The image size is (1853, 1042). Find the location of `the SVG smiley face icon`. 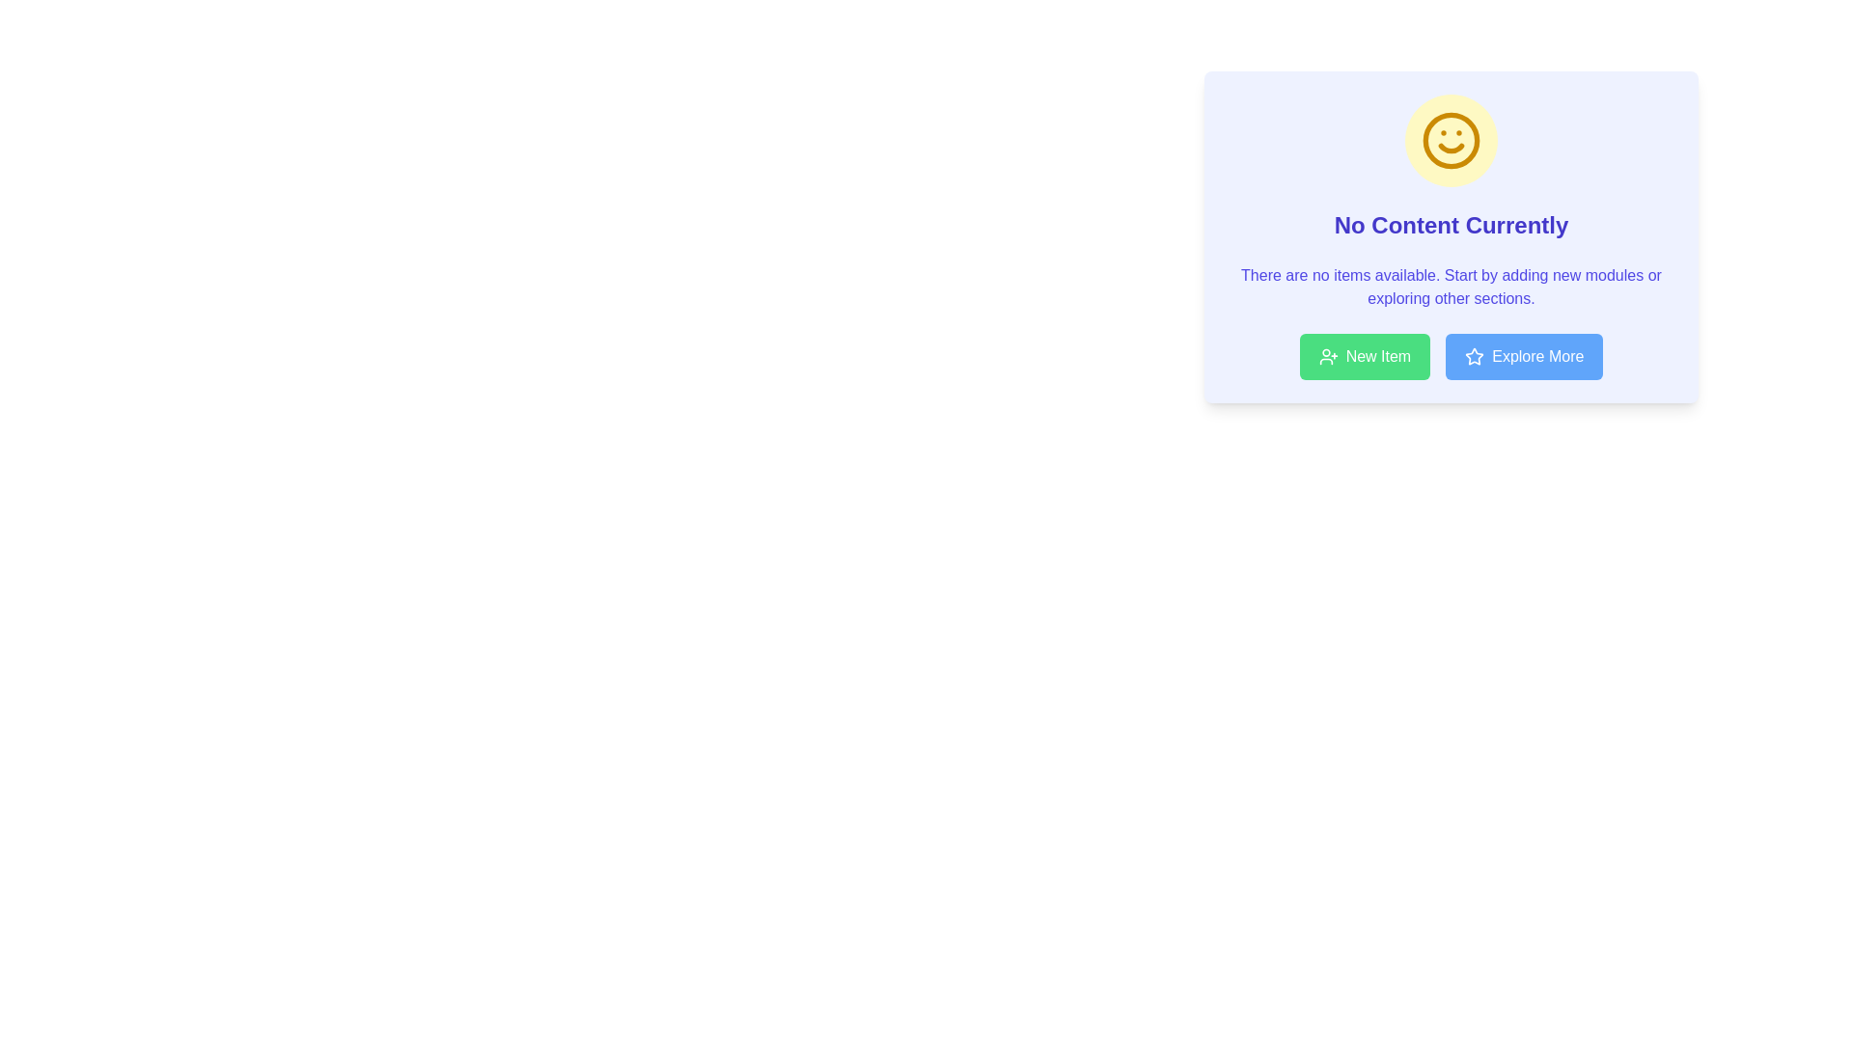

the SVG smiley face icon is located at coordinates (1451, 140).